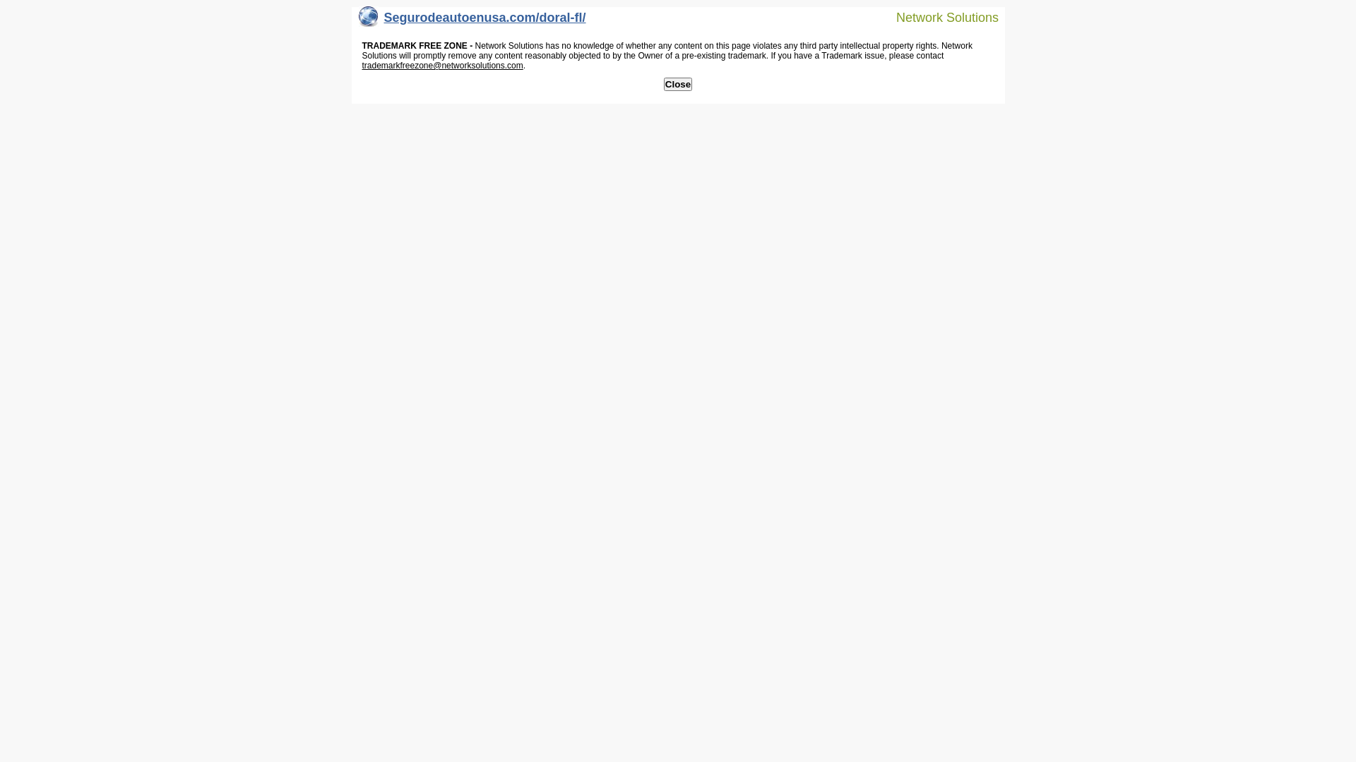 Image resolution: width=1356 pixels, height=762 pixels. Describe the element at coordinates (678, 84) in the screenshot. I see `'Close'` at that location.